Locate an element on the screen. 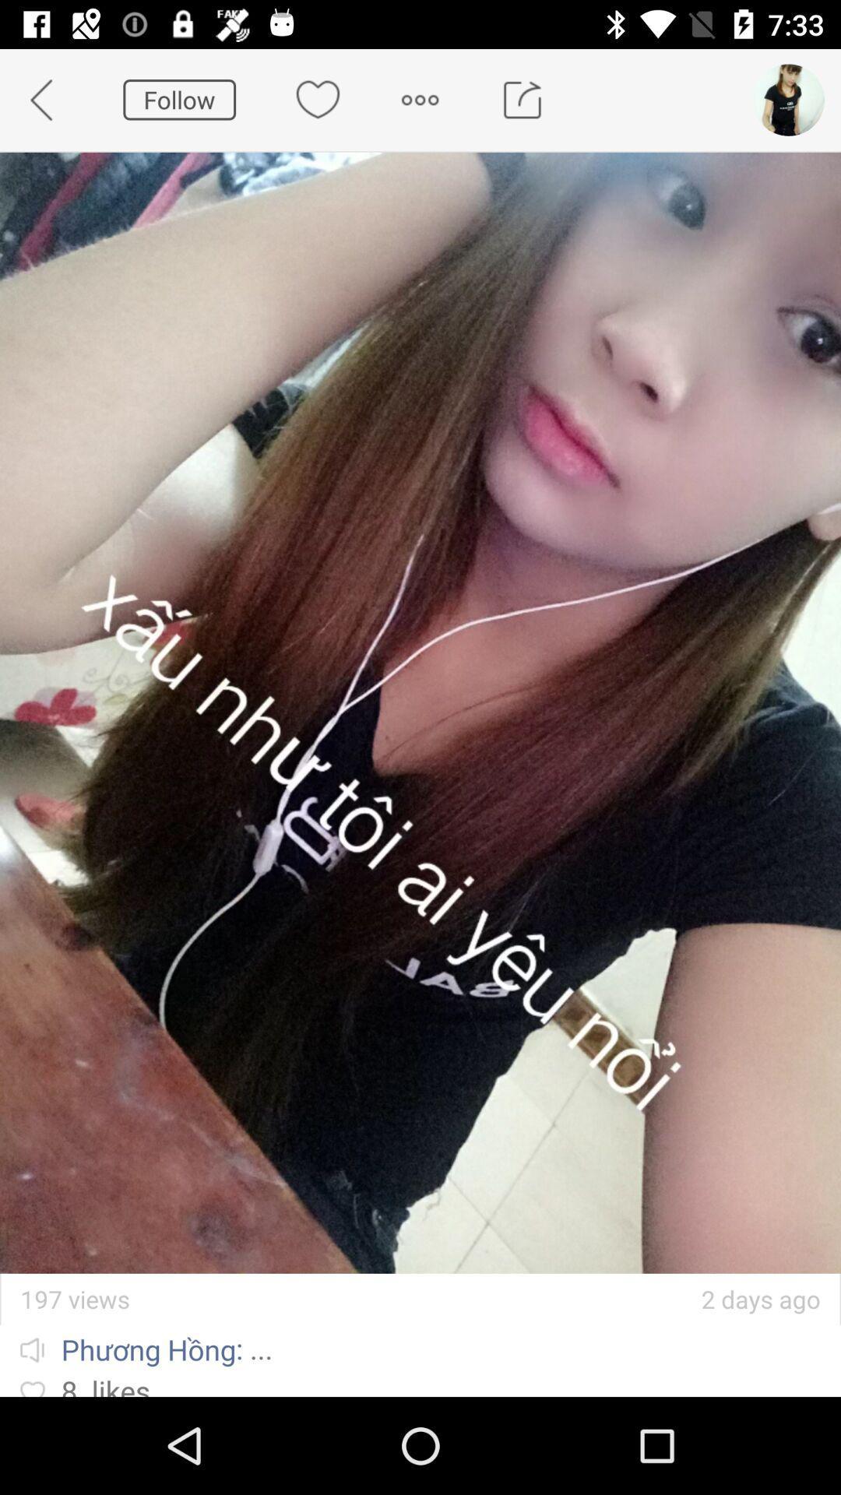 This screenshot has height=1495, width=841. the app to the left of follow is located at coordinates (50, 99).